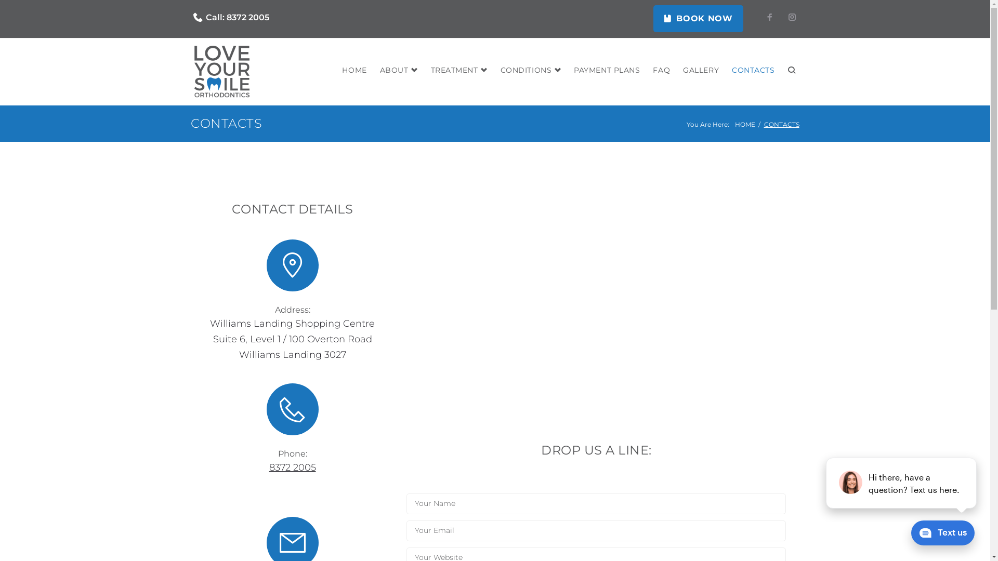 The image size is (998, 561). What do you see at coordinates (354, 70) in the screenshot?
I see `'HOME'` at bounding box center [354, 70].